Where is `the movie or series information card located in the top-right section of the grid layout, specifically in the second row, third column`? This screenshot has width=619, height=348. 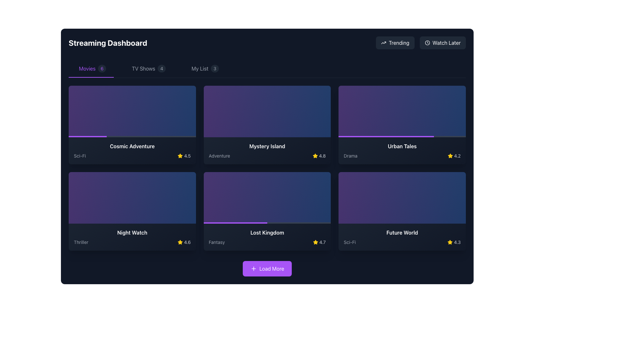
the movie or series information card located in the top-right section of the grid layout, specifically in the second row, third column is located at coordinates (402, 150).